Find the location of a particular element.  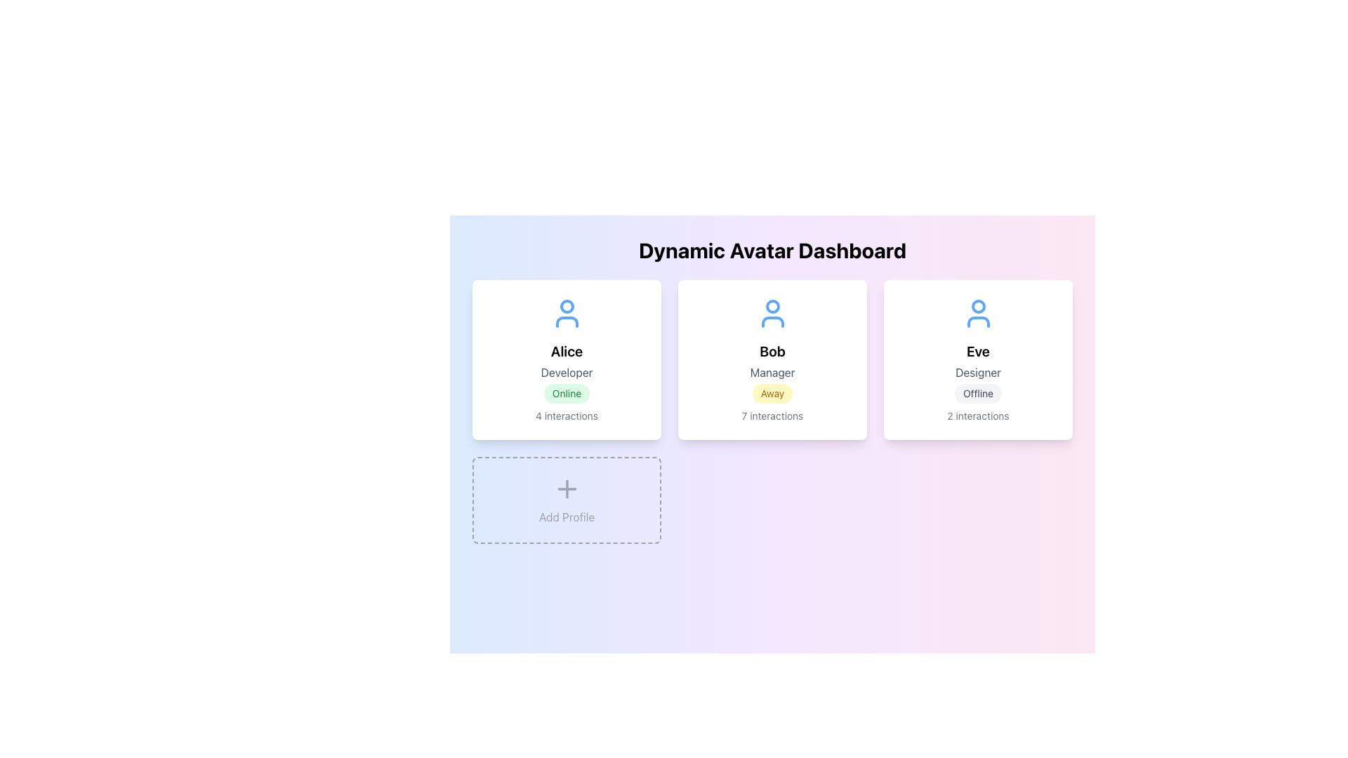

the Circular SVG graphic representing the head of user Alice located at the top-center of the leftmost user card is located at coordinates (567, 305).